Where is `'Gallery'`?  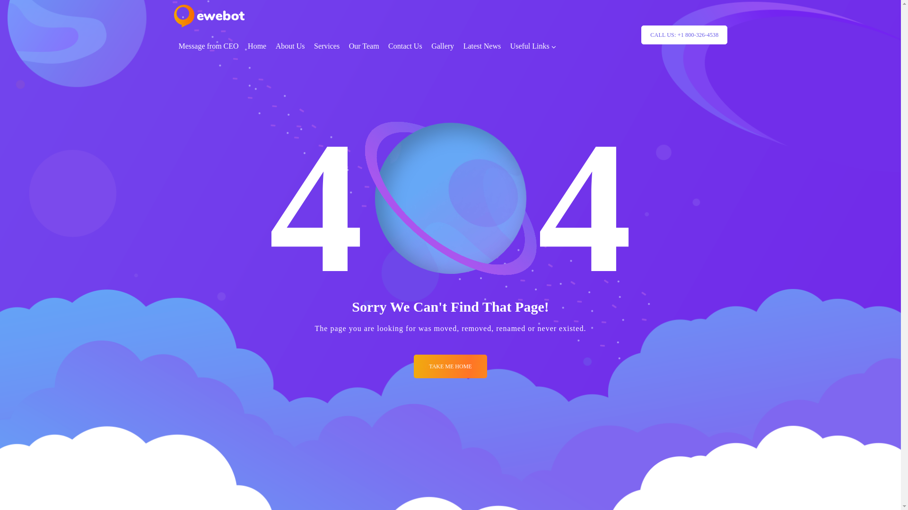
'Gallery' is located at coordinates (442, 46).